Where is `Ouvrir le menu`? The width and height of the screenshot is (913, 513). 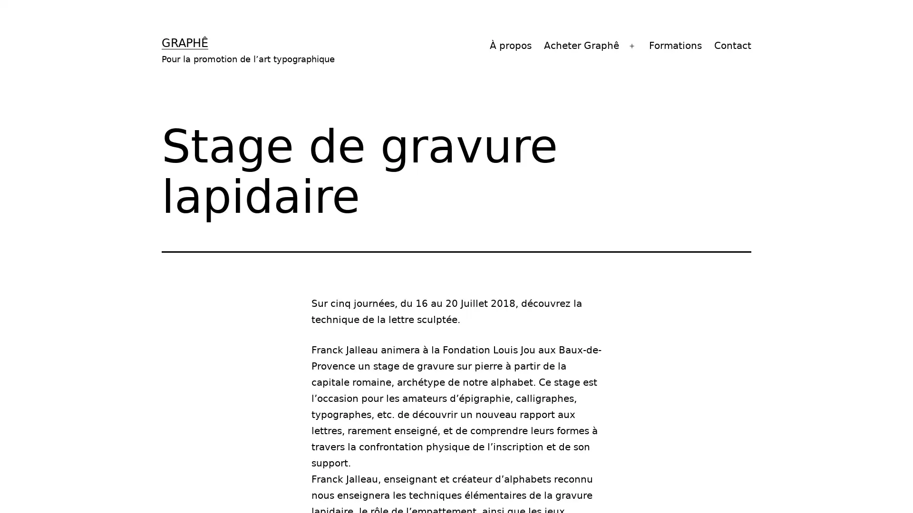
Ouvrir le menu is located at coordinates (632, 46).